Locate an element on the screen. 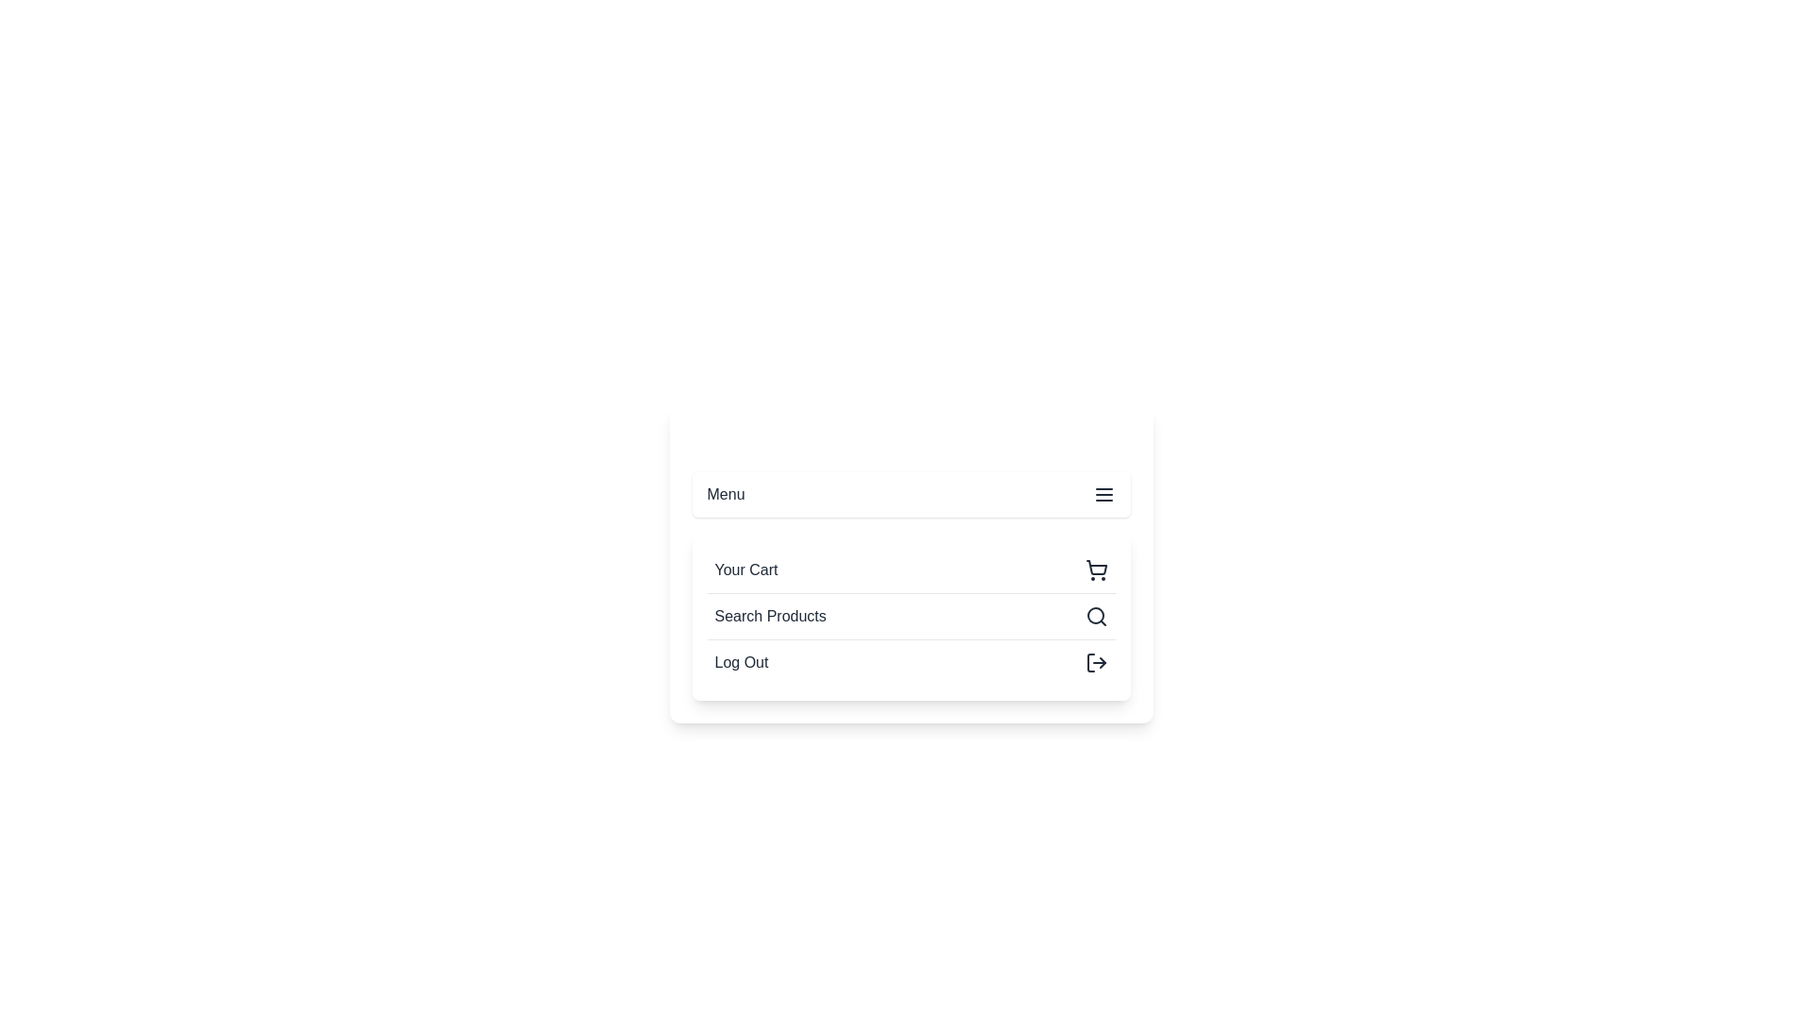 Image resolution: width=1814 pixels, height=1020 pixels. the search icon button located at the far-right side of the 'Search Products' menu item in the dropdown list for further keyboard interaction is located at coordinates (1096, 616).